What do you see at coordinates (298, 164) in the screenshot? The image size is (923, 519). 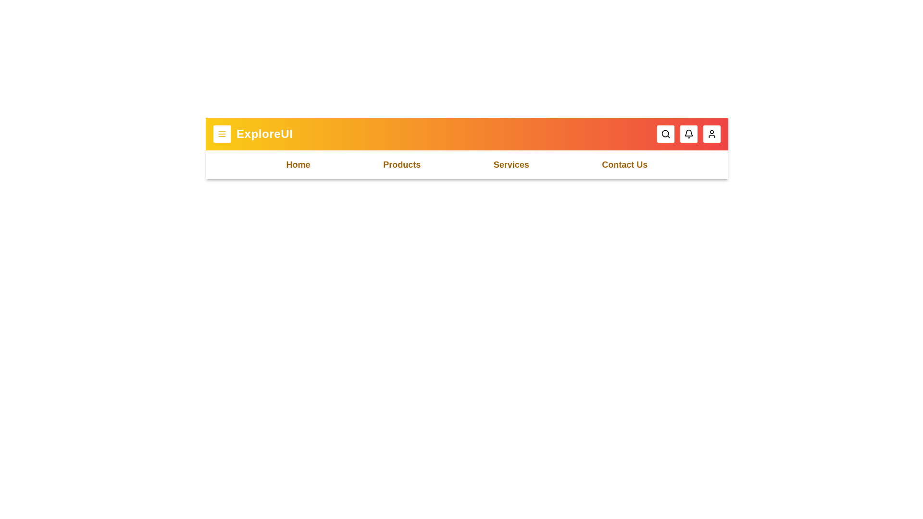 I see `the menu item Home by clicking on it` at bounding box center [298, 164].